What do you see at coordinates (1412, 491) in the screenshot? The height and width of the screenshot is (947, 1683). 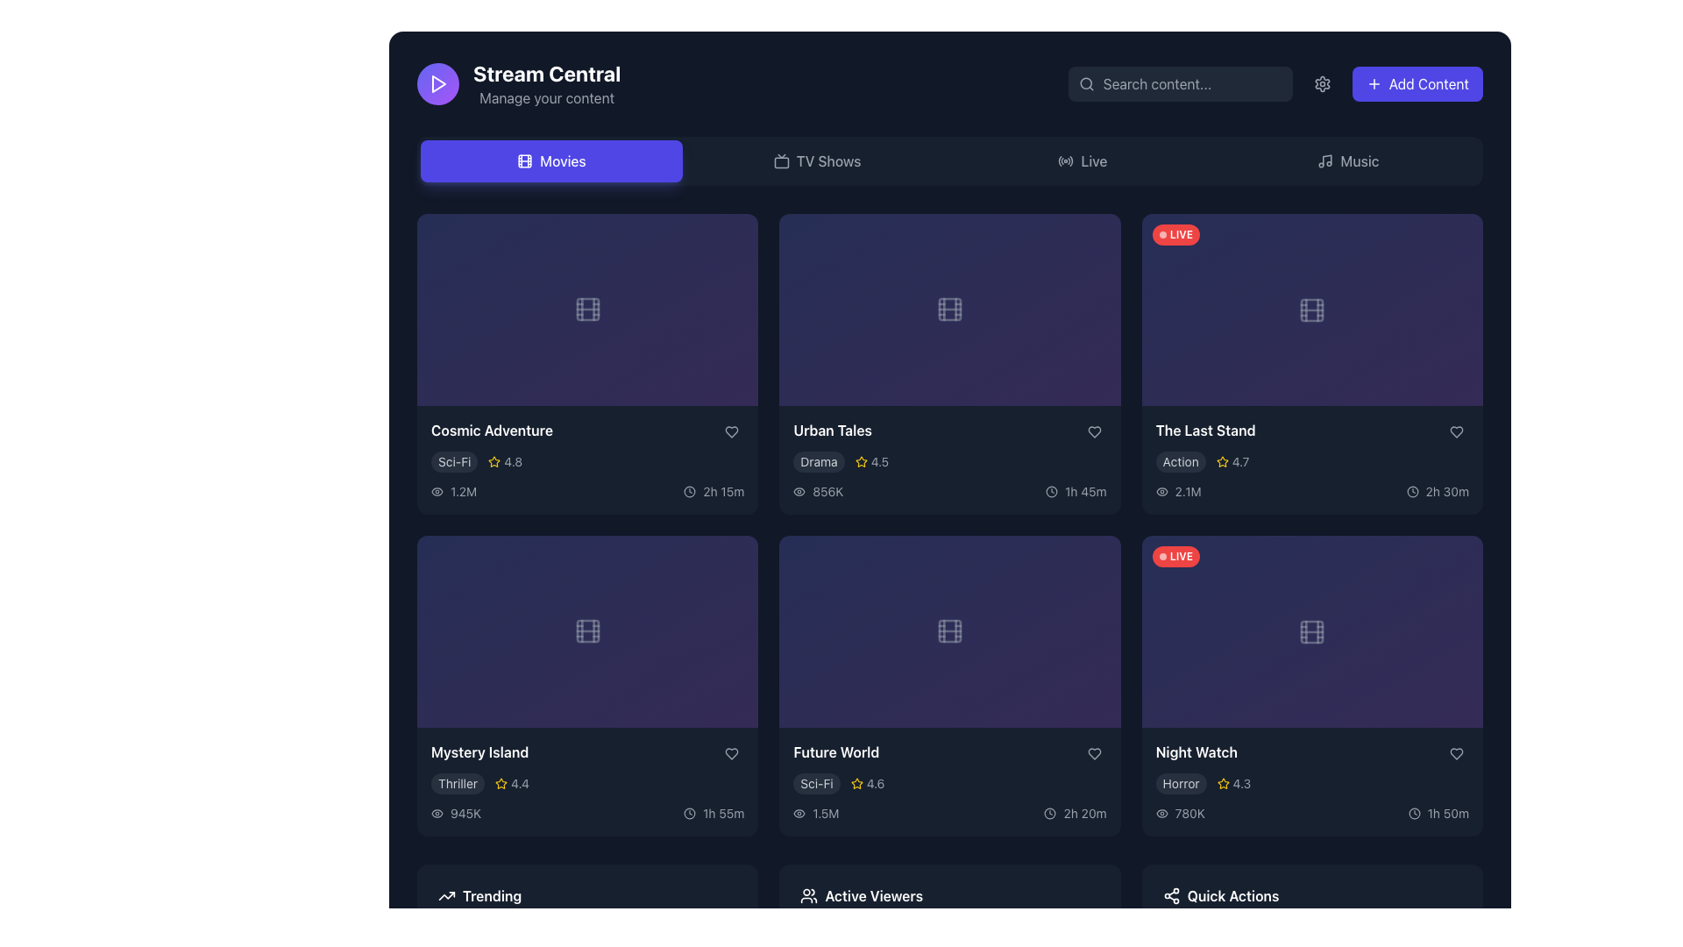 I see `the clock icon located at the bottom-right section of 'The Last Stand' card, which visually represents the pending time of '2h 30m'` at bounding box center [1412, 491].